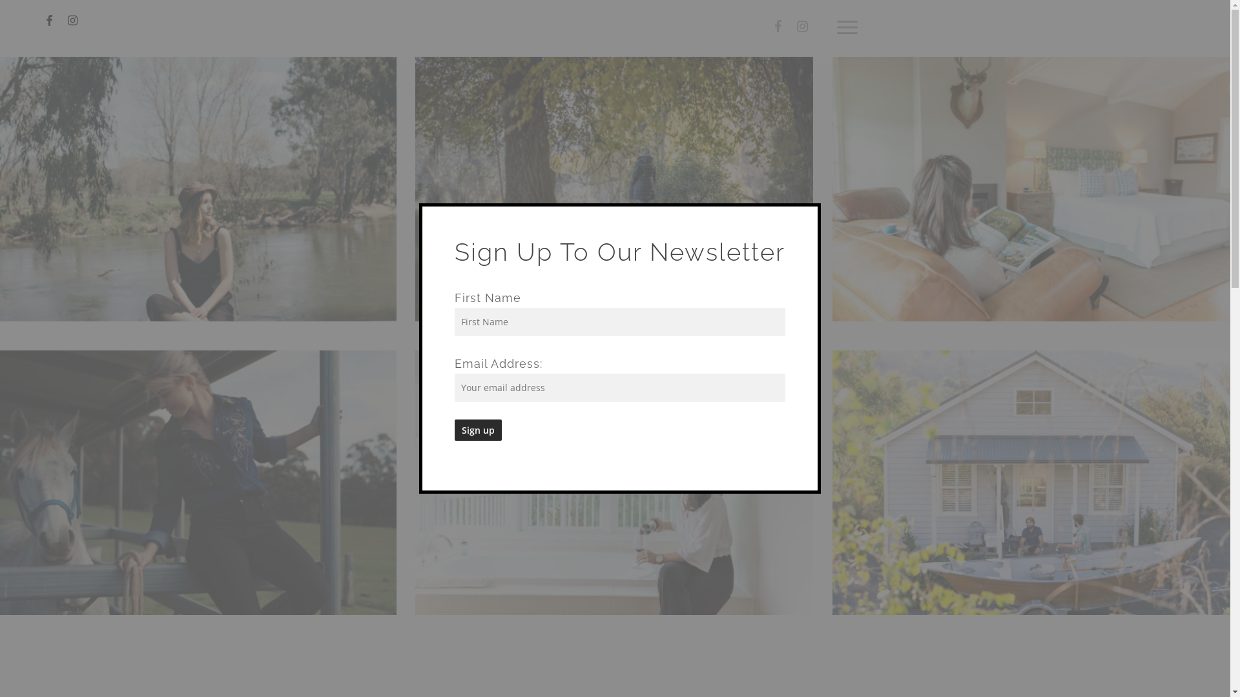 The image size is (1240, 697). What do you see at coordinates (805, 211) in the screenshot?
I see `'Close'` at bounding box center [805, 211].